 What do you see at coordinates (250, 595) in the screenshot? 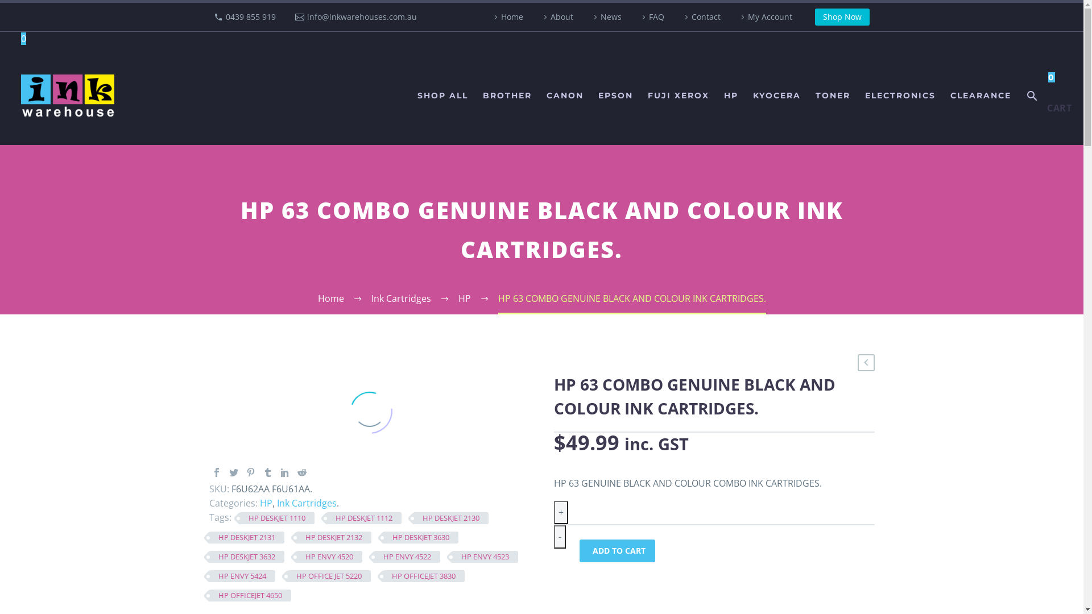
I see `'HP OFFICEJET 4650'` at bounding box center [250, 595].